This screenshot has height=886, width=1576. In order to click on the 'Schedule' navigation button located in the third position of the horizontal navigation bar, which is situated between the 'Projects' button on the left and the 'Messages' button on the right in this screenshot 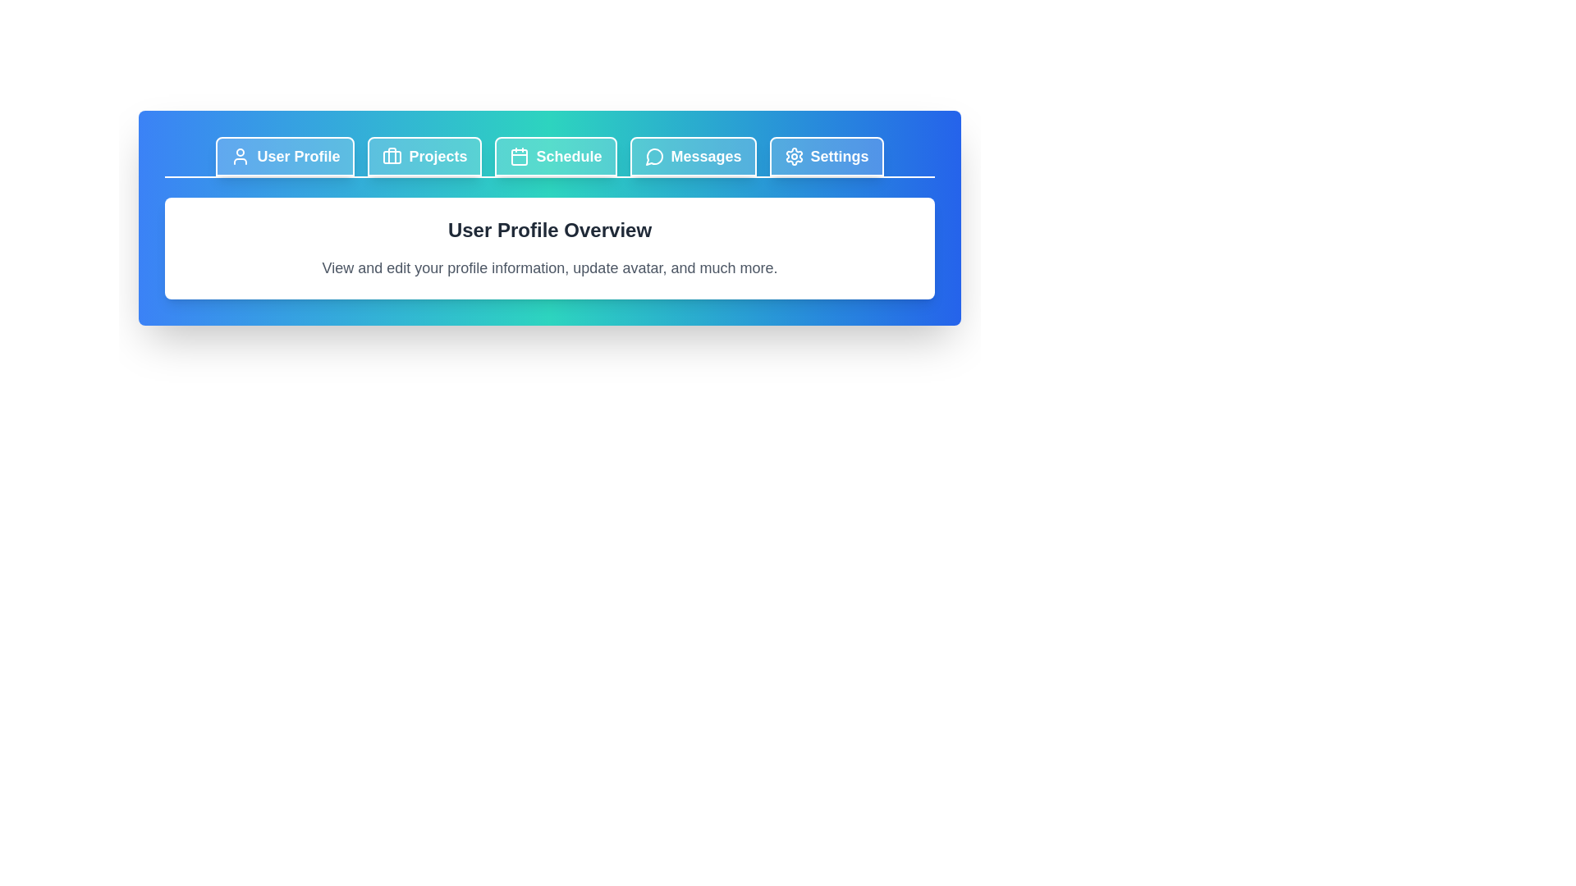, I will do `click(556, 157)`.